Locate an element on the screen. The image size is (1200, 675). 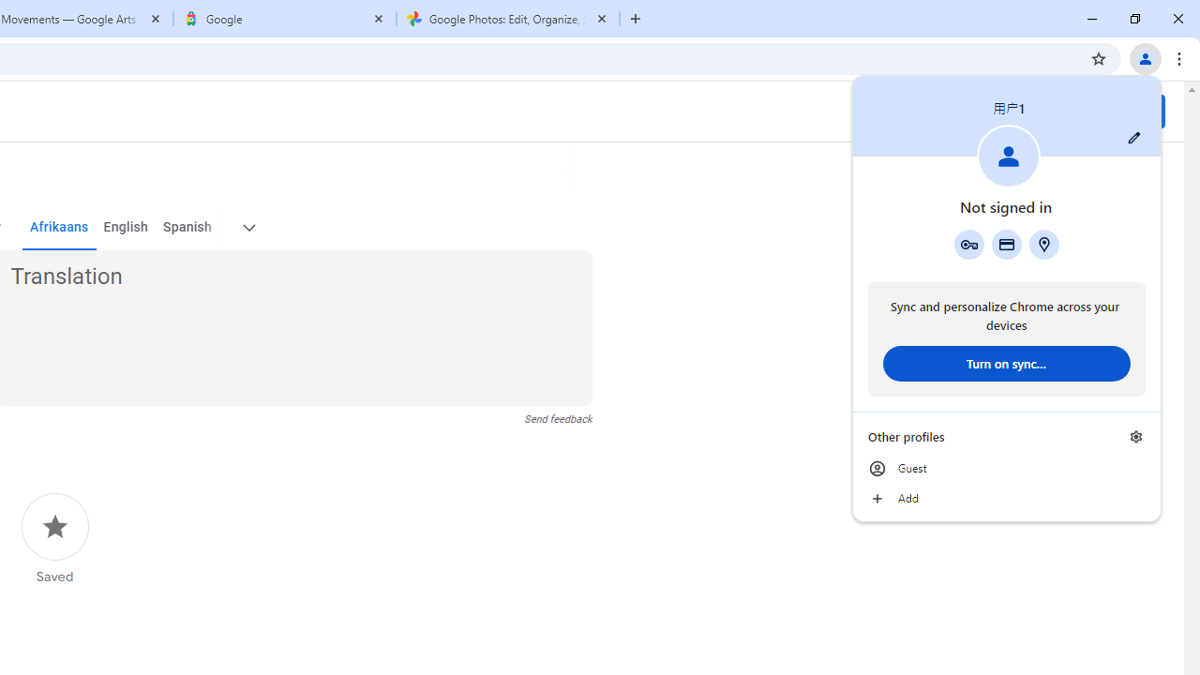
'Afrikaans' is located at coordinates (58, 227).